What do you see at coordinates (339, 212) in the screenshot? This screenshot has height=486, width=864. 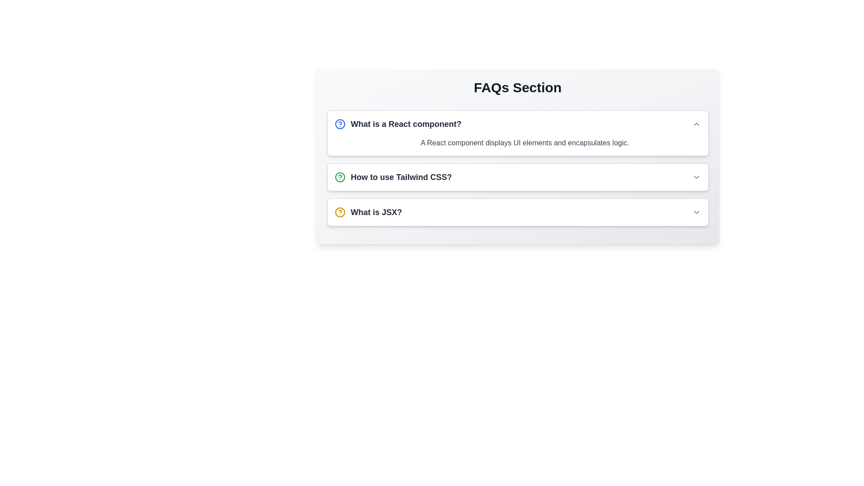 I see `the circular icon with a yellow outline and a question mark graphic located to the left of the text 'What is JSX?' in the FAQs list` at bounding box center [339, 212].